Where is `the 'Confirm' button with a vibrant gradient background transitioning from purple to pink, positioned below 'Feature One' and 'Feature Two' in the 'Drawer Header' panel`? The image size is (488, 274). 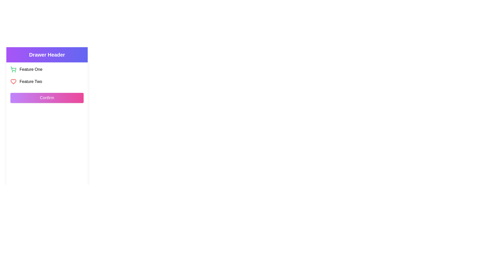
the 'Confirm' button with a vibrant gradient background transitioning from purple to pink, positioned below 'Feature One' and 'Feature Two' in the 'Drawer Header' panel is located at coordinates (47, 98).